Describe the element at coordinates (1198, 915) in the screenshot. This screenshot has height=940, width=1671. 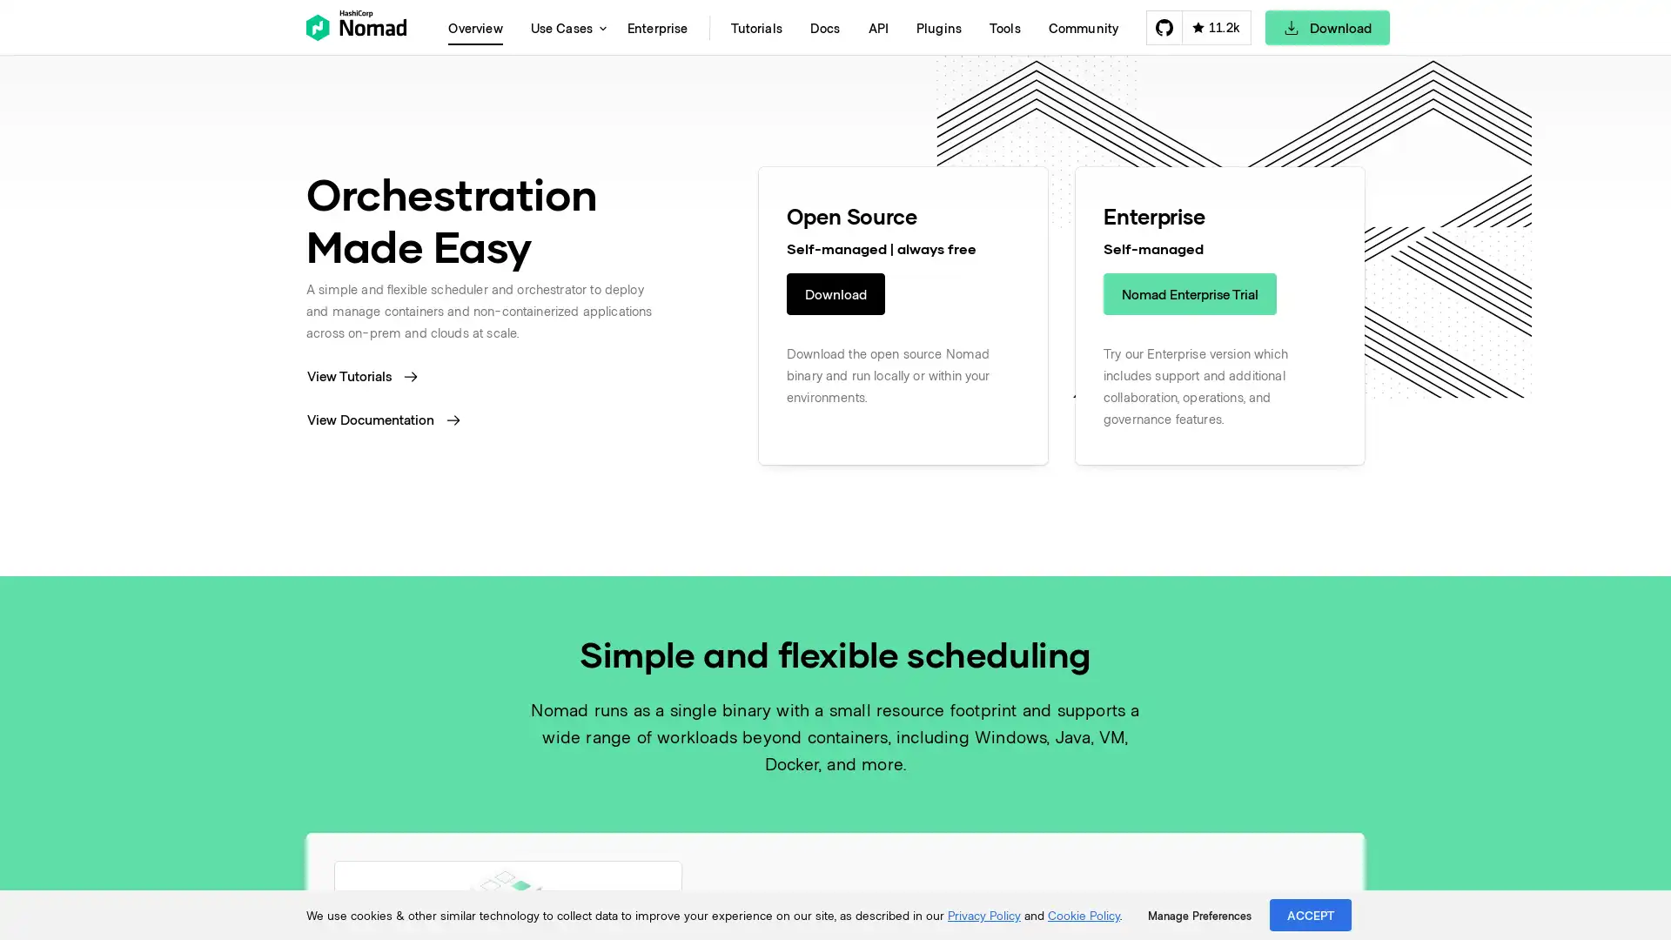
I see `Manage Preferences` at that location.